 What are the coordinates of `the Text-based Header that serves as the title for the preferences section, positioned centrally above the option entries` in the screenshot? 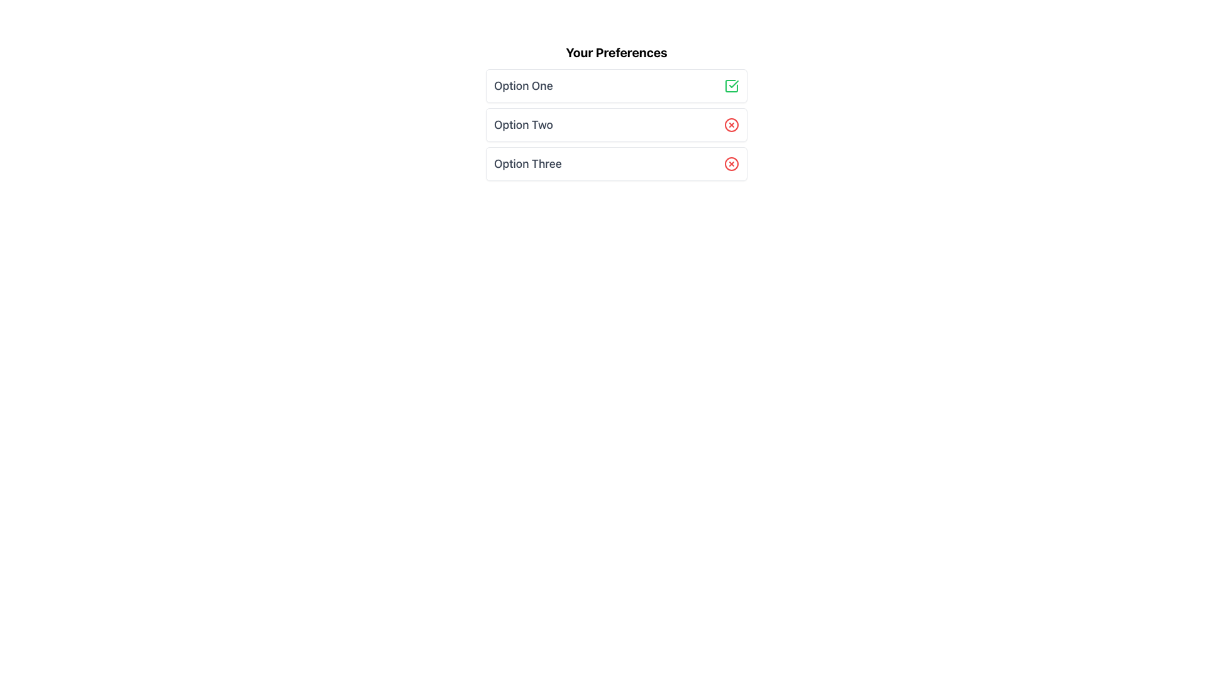 It's located at (616, 52).